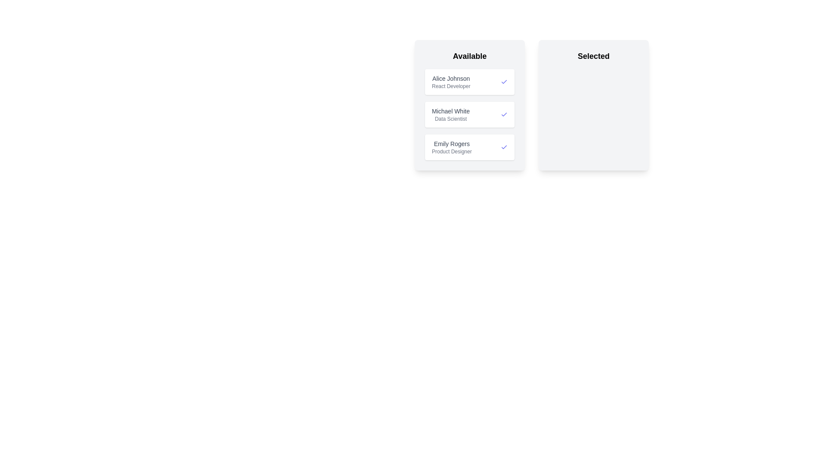 This screenshot has width=826, height=464. What do you see at coordinates (469, 114) in the screenshot?
I see `the candidate entry Michael White` at bounding box center [469, 114].